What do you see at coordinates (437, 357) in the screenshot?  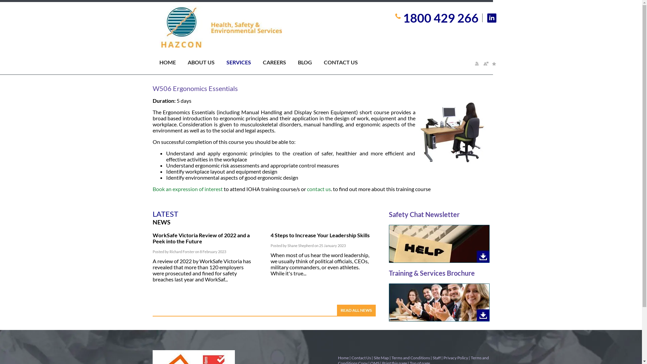 I see `'Staff'` at bounding box center [437, 357].